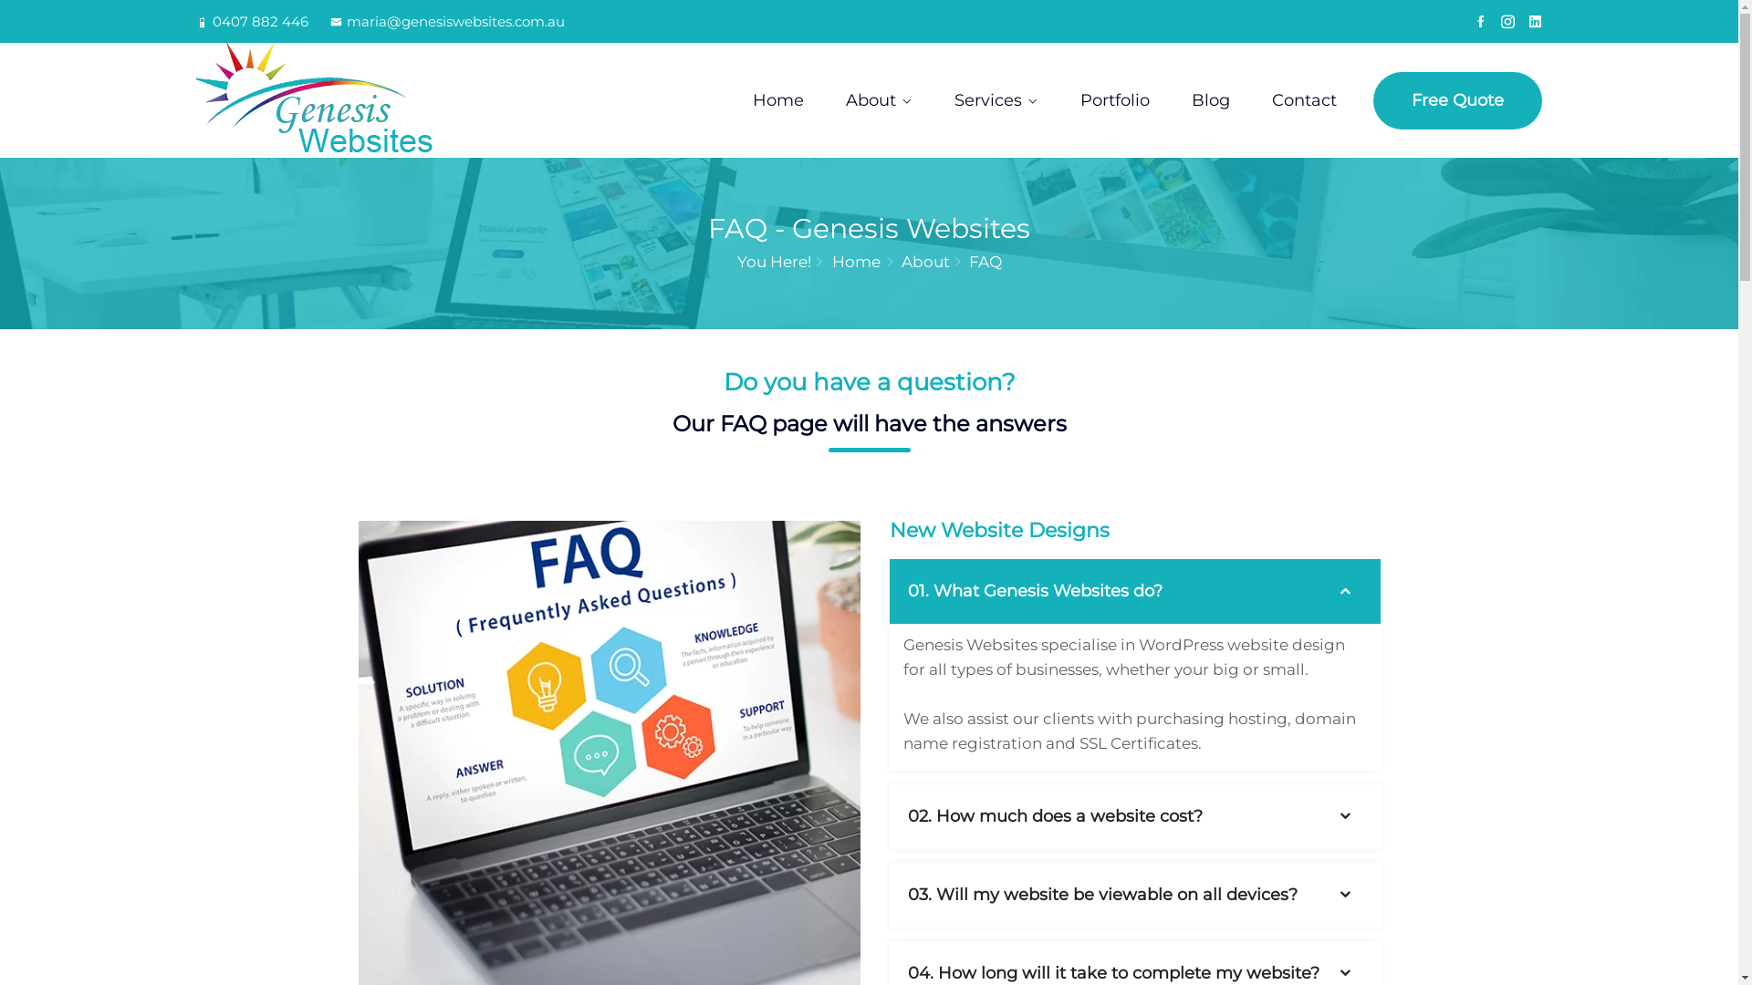 The image size is (1752, 985). I want to click on '02. How much does a website cost?', so click(1133, 815).